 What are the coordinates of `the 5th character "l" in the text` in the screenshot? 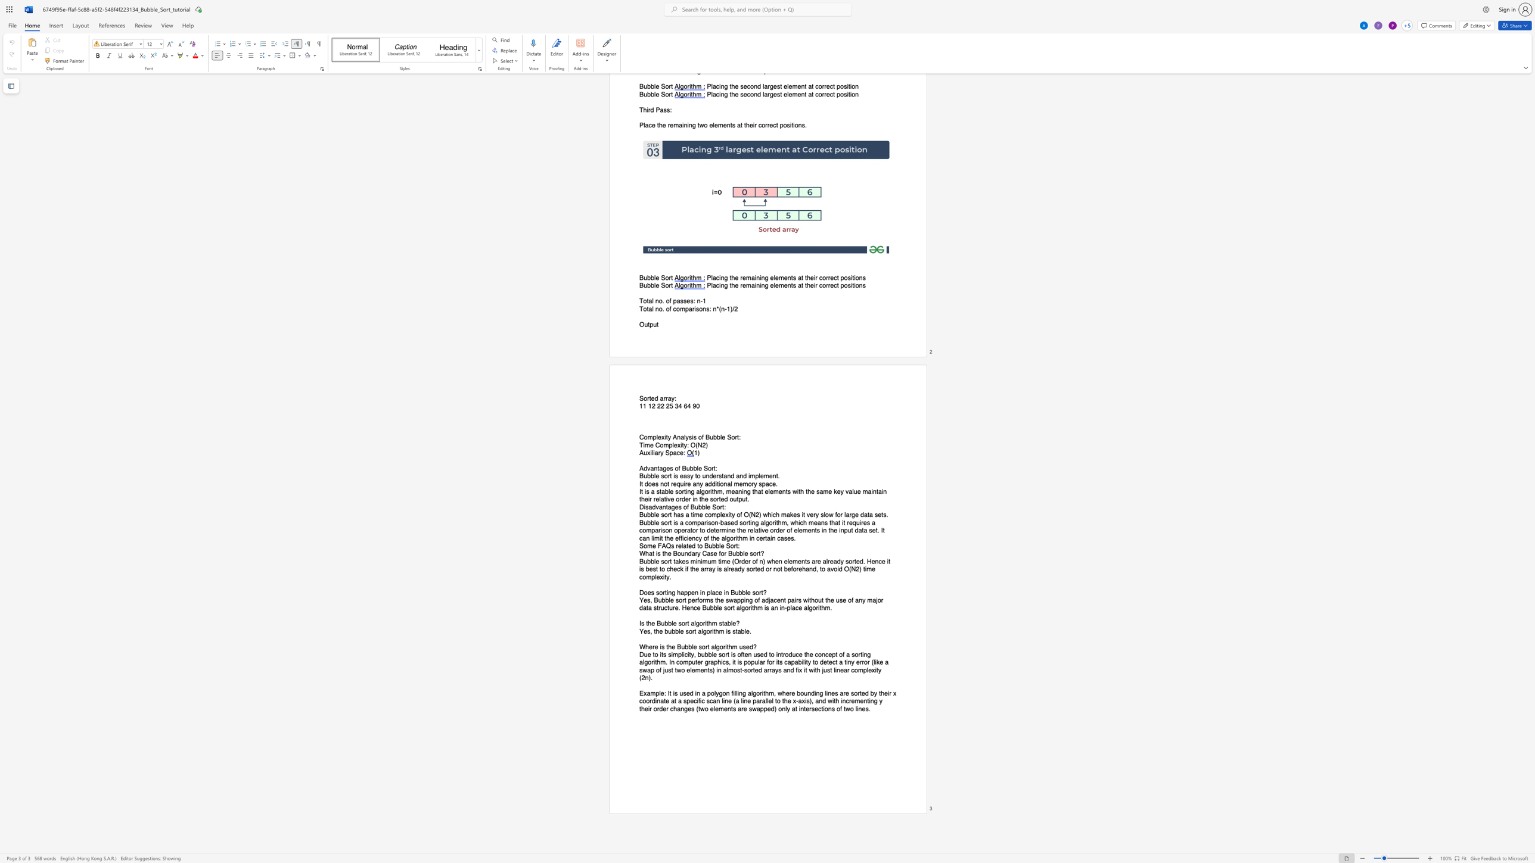 It's located at (751, 693).